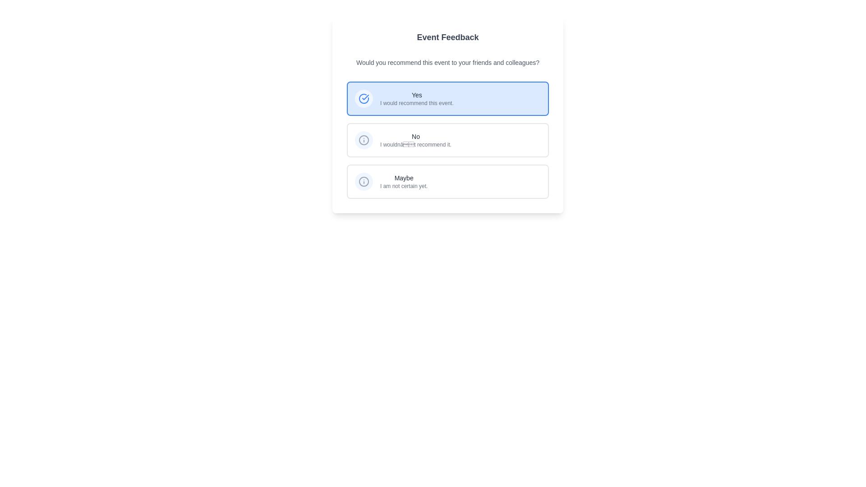  What do you see at coordinates (364, 140) in the screenshot?
I see `the Informational icon located to the far left of the 'No, I wouldn’t recommend it.' option in the feedback interface` at bounding box center [364, 140].